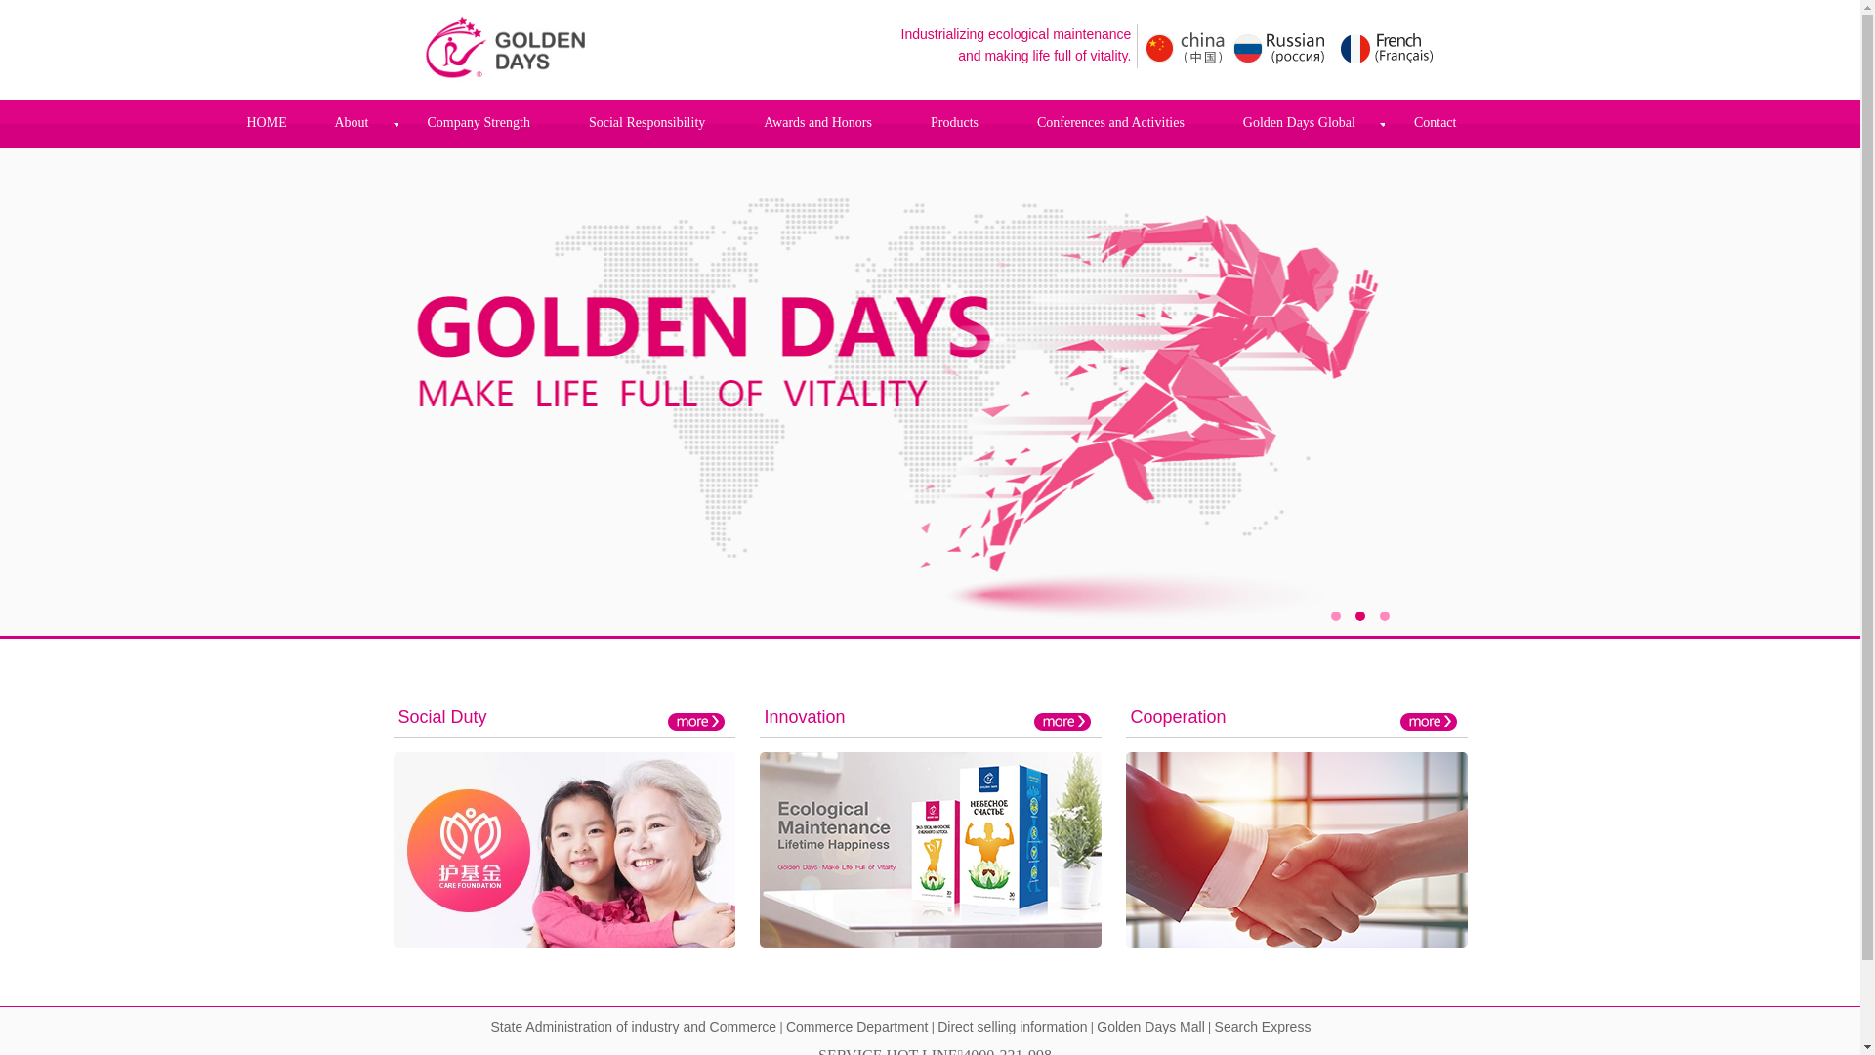 This screenshot has height=1055, width=1875. Describe the element at coordinates (1263, 1027) in the screenshot. I see `'Search Express'` at that location.